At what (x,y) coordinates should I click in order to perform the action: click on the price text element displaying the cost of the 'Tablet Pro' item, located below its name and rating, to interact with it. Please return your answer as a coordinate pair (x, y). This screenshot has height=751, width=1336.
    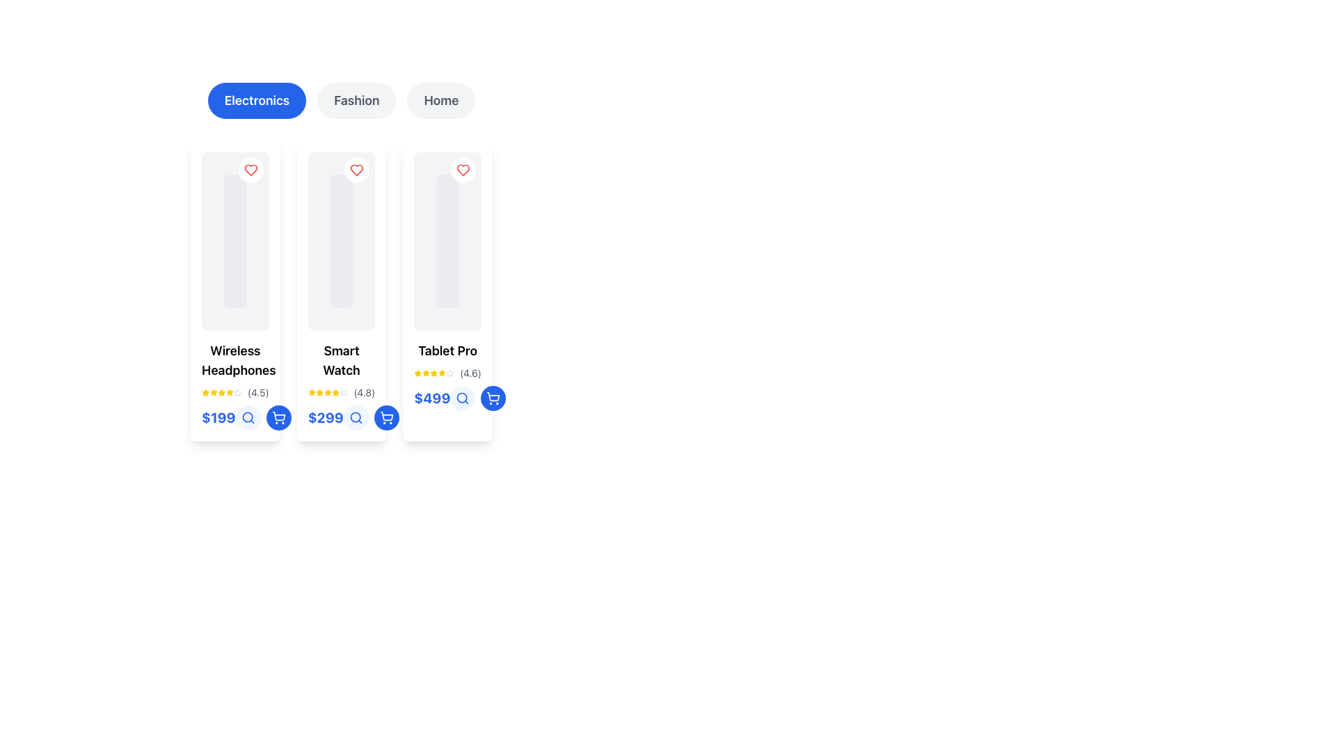
    Looking at the image, I should click on (447, 398).